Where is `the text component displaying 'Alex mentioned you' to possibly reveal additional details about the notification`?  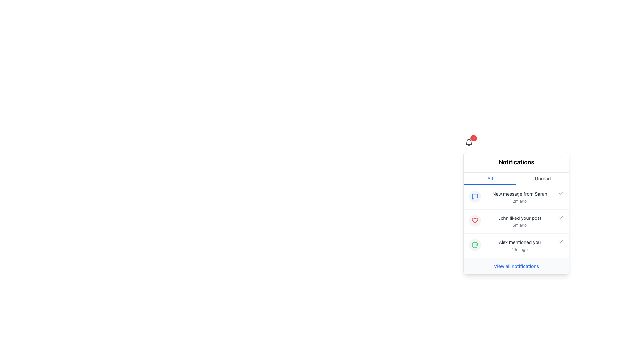
the text component displaying 'Alex mentioned you' to possibly reveal additional details about the notification is located at coordinates (519, 246).